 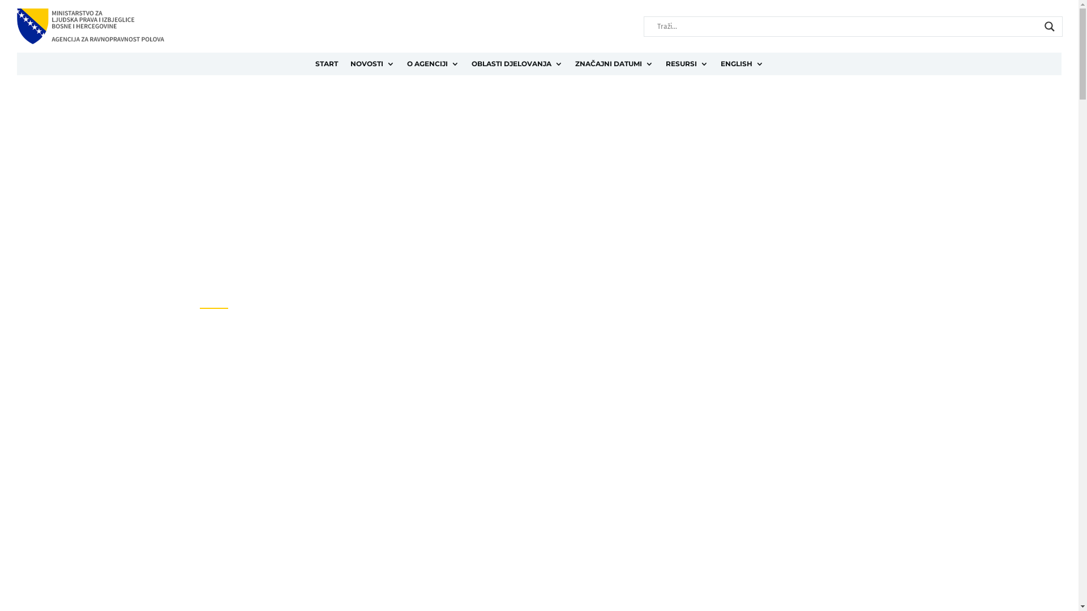 What do you see at coordinates (686, 66) in the screenshot?
I see `'RESURSI'` at bounding box center [686, 66].